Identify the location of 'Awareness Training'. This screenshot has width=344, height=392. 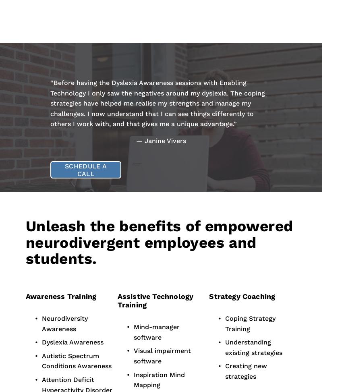
(25, 296).